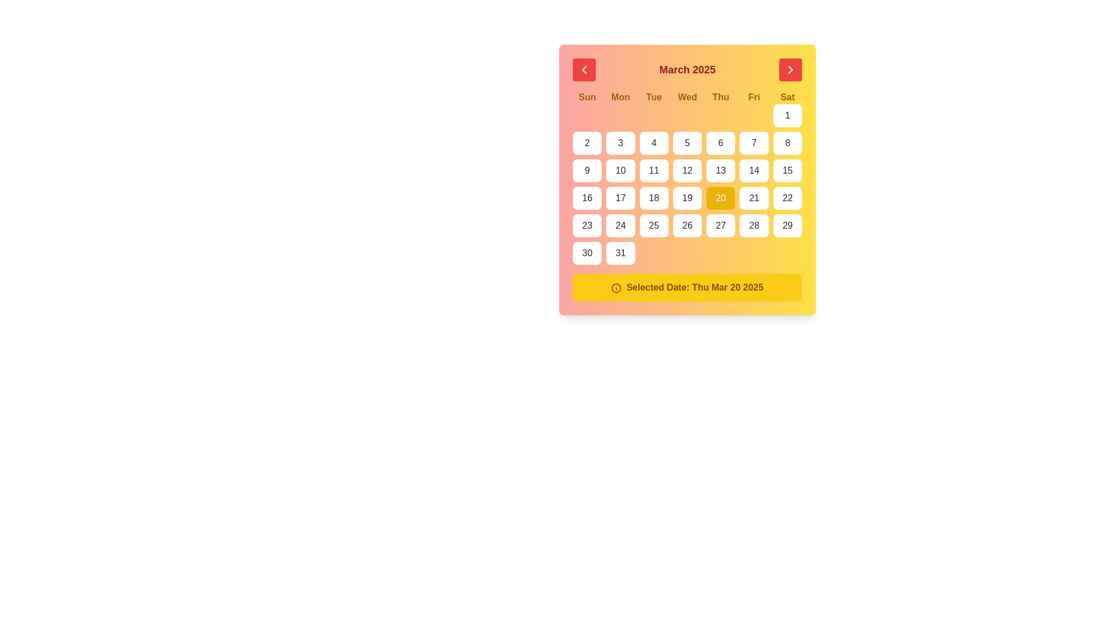 The height and width of the screenshot is (619, 1100). Describe the element at coordinates (687, 170) in the screenshot. I see `the square button with rounded corners labeled '12' that is the fifth element in the third row of the grid within the calendar view` at that location.